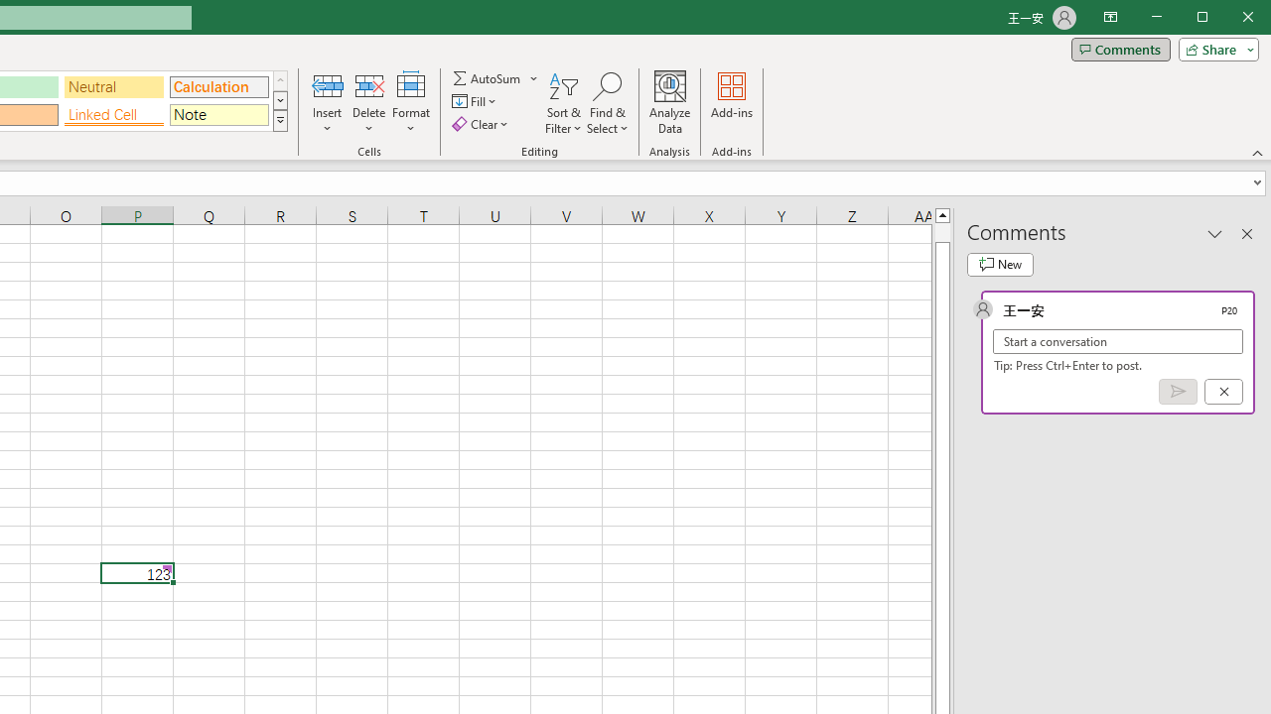  What do you see at coordinates (1118, 340) in the screenshot?
I see `'Start a conversation'` at bounding box center [1118, 340].